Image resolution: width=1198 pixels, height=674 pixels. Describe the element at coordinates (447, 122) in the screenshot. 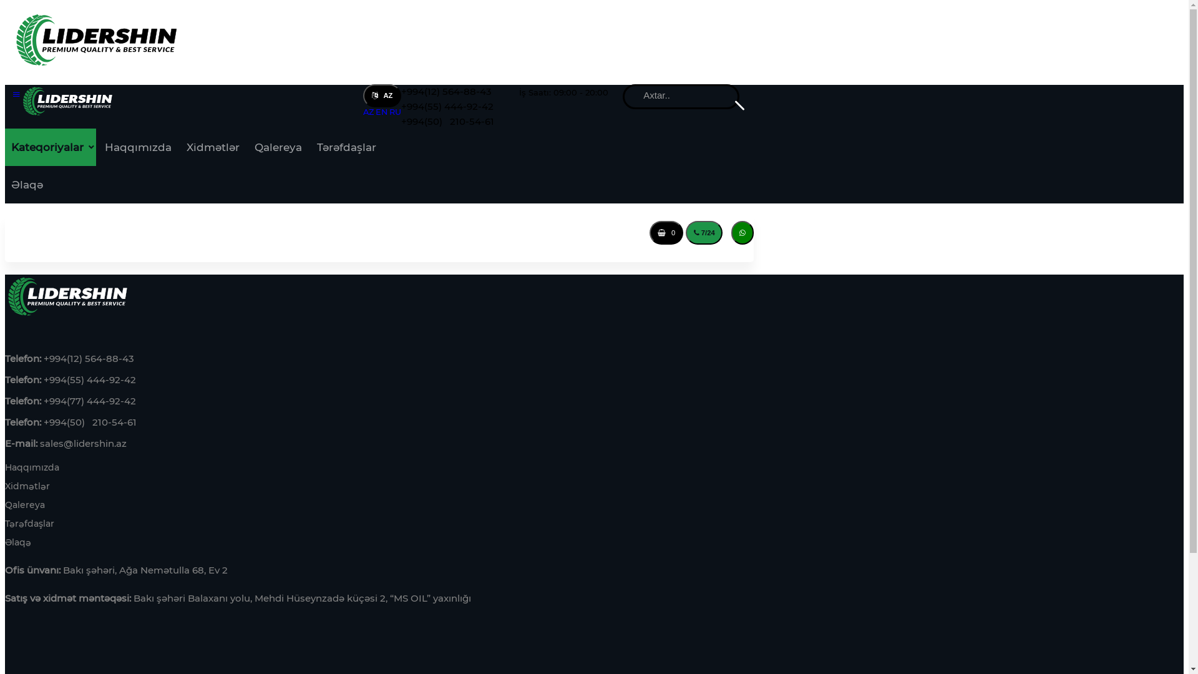

I see `'+994(50)   210-54-61'` at that location.